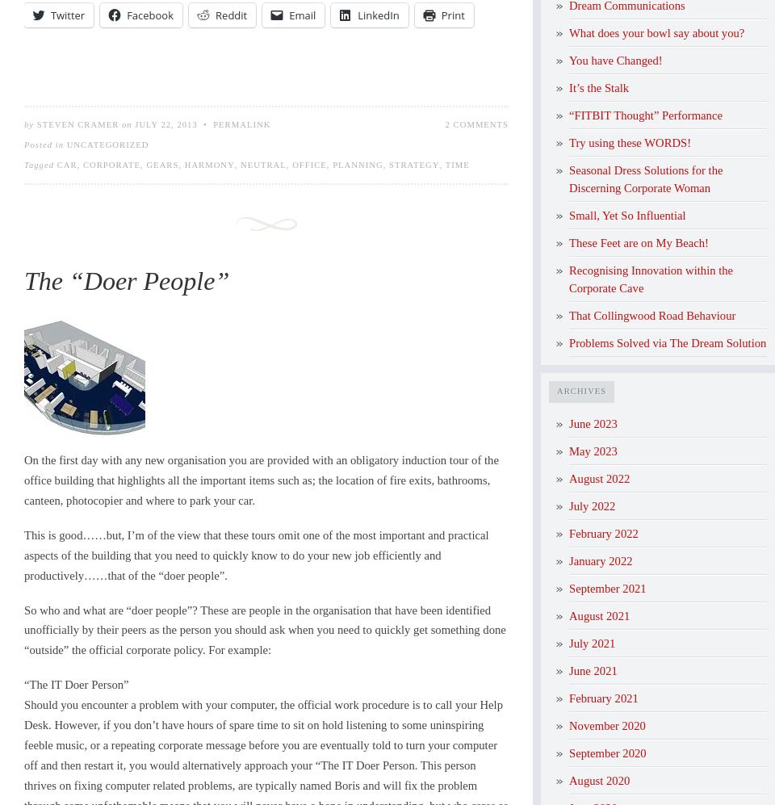 This screenshot has height=805, width=775. What do you see at coordinates (569, 86) in the screenshot?
I see `'It’s the Stalk'` at bounding box center [569, 86].